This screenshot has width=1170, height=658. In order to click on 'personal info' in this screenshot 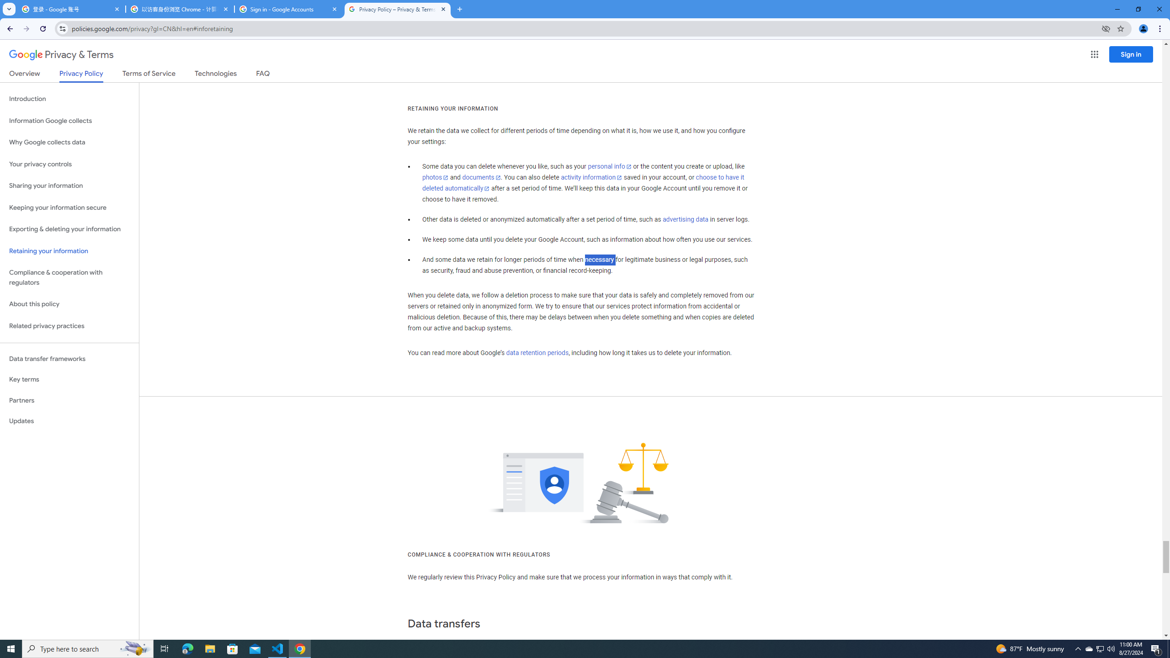, I will do `click(609, 166)`.